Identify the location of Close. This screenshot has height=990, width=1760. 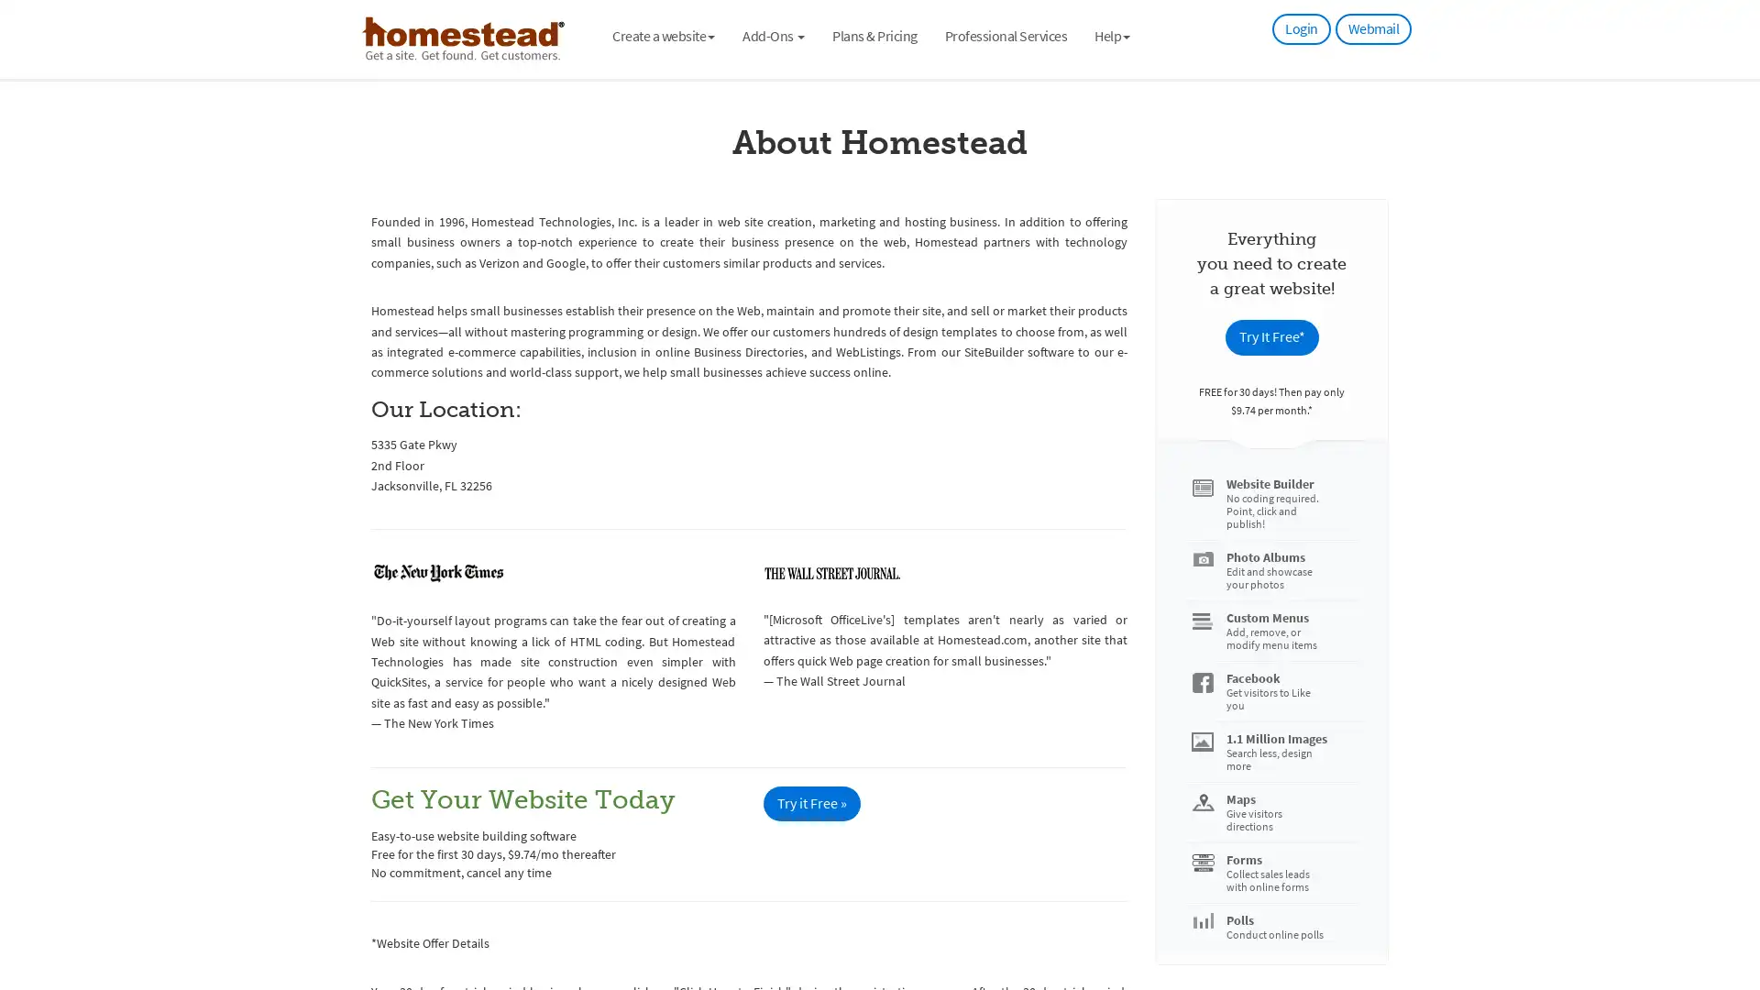
(335, 693).